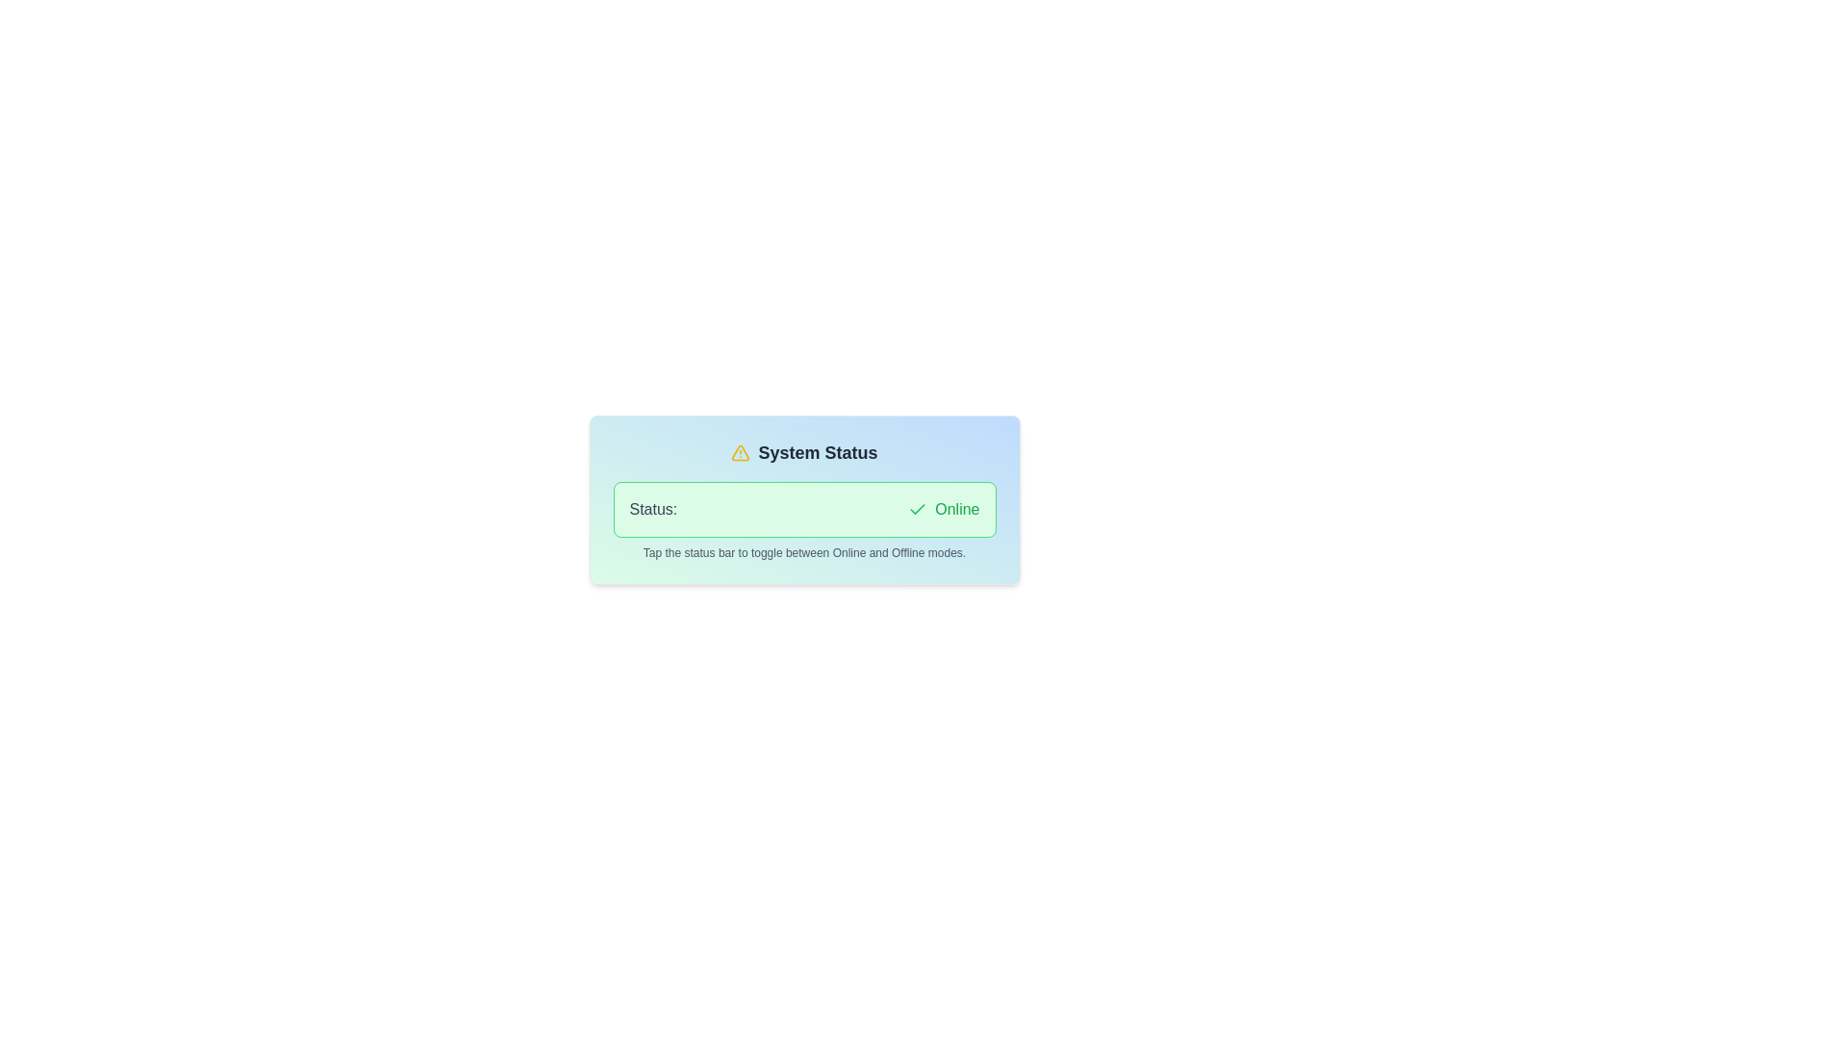  I want to click on the graphical vector icon representing a warning or status symbol located centrally above the label 'System Status', so click(740, 452).